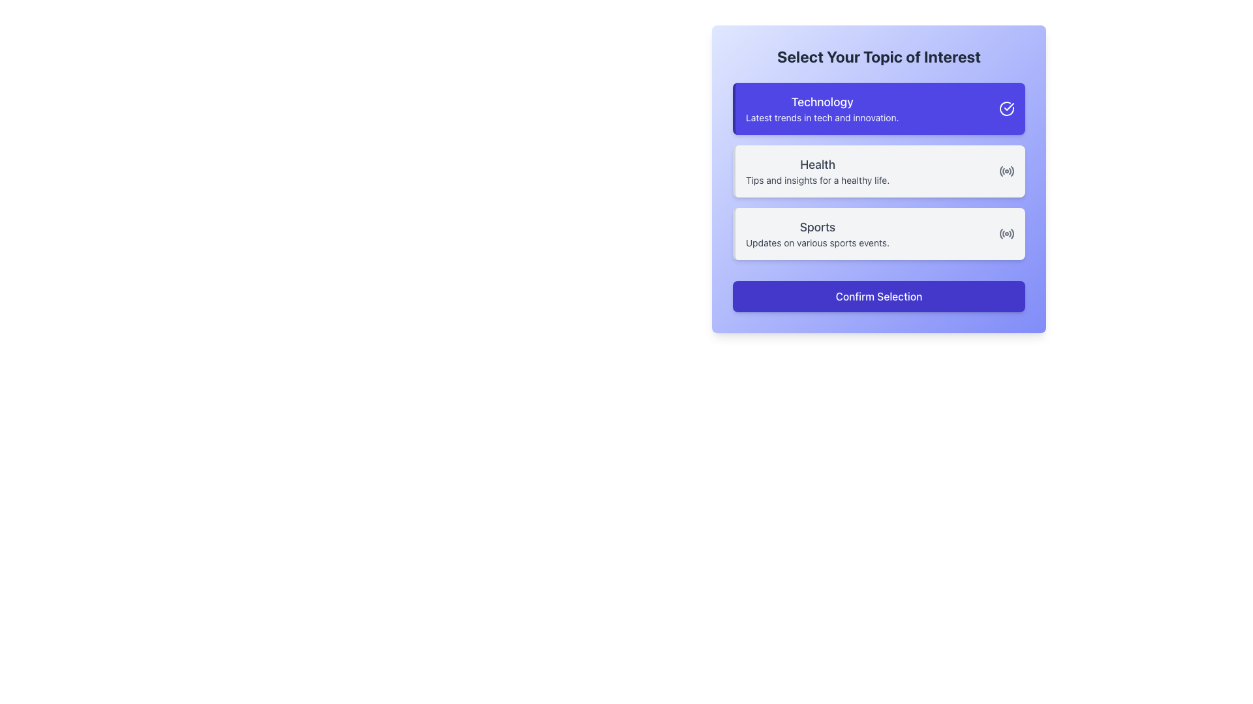  I want to click on the text element that provides a brief description or tagline summarizing the 'Technology' section, located directly below the 'Technology' label within the purple card interface, so click(822, 118).